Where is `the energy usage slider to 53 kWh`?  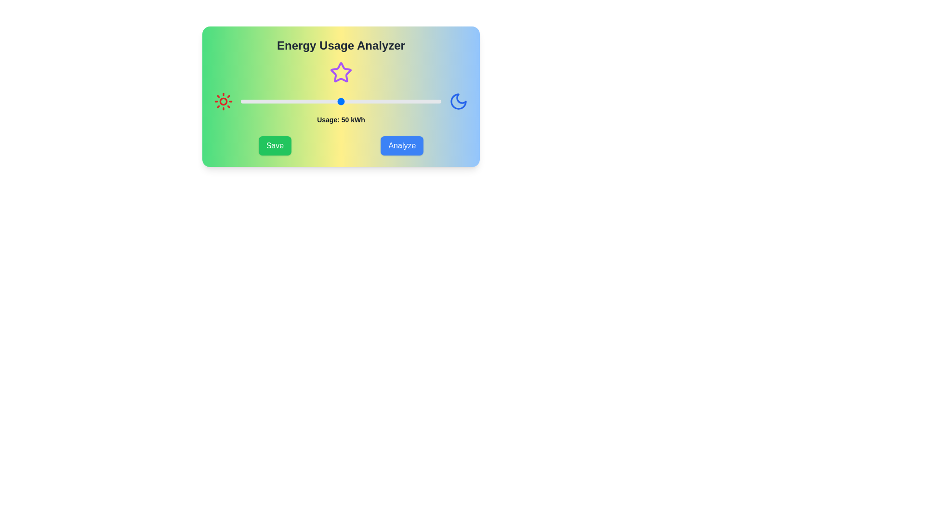
the energy usage slider to 53 kWh is located at coordinates (347, 102).